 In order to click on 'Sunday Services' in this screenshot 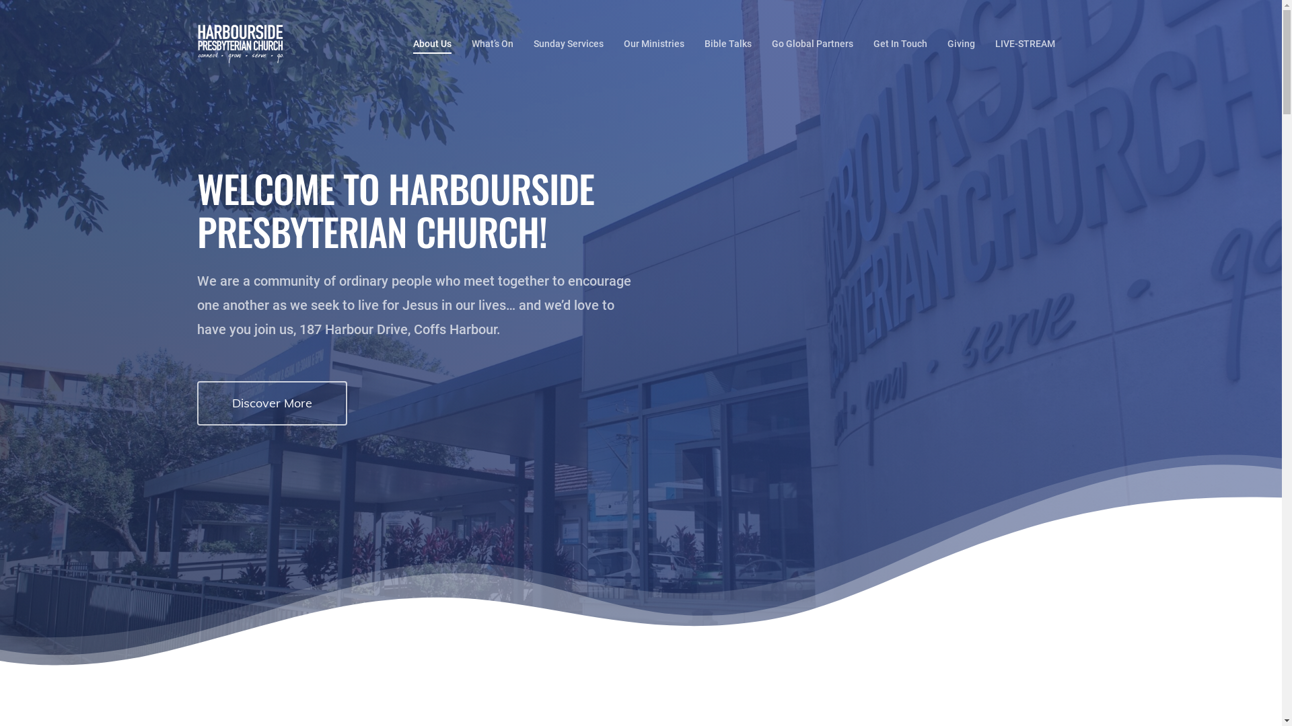, I will do `click(568, 43)`.